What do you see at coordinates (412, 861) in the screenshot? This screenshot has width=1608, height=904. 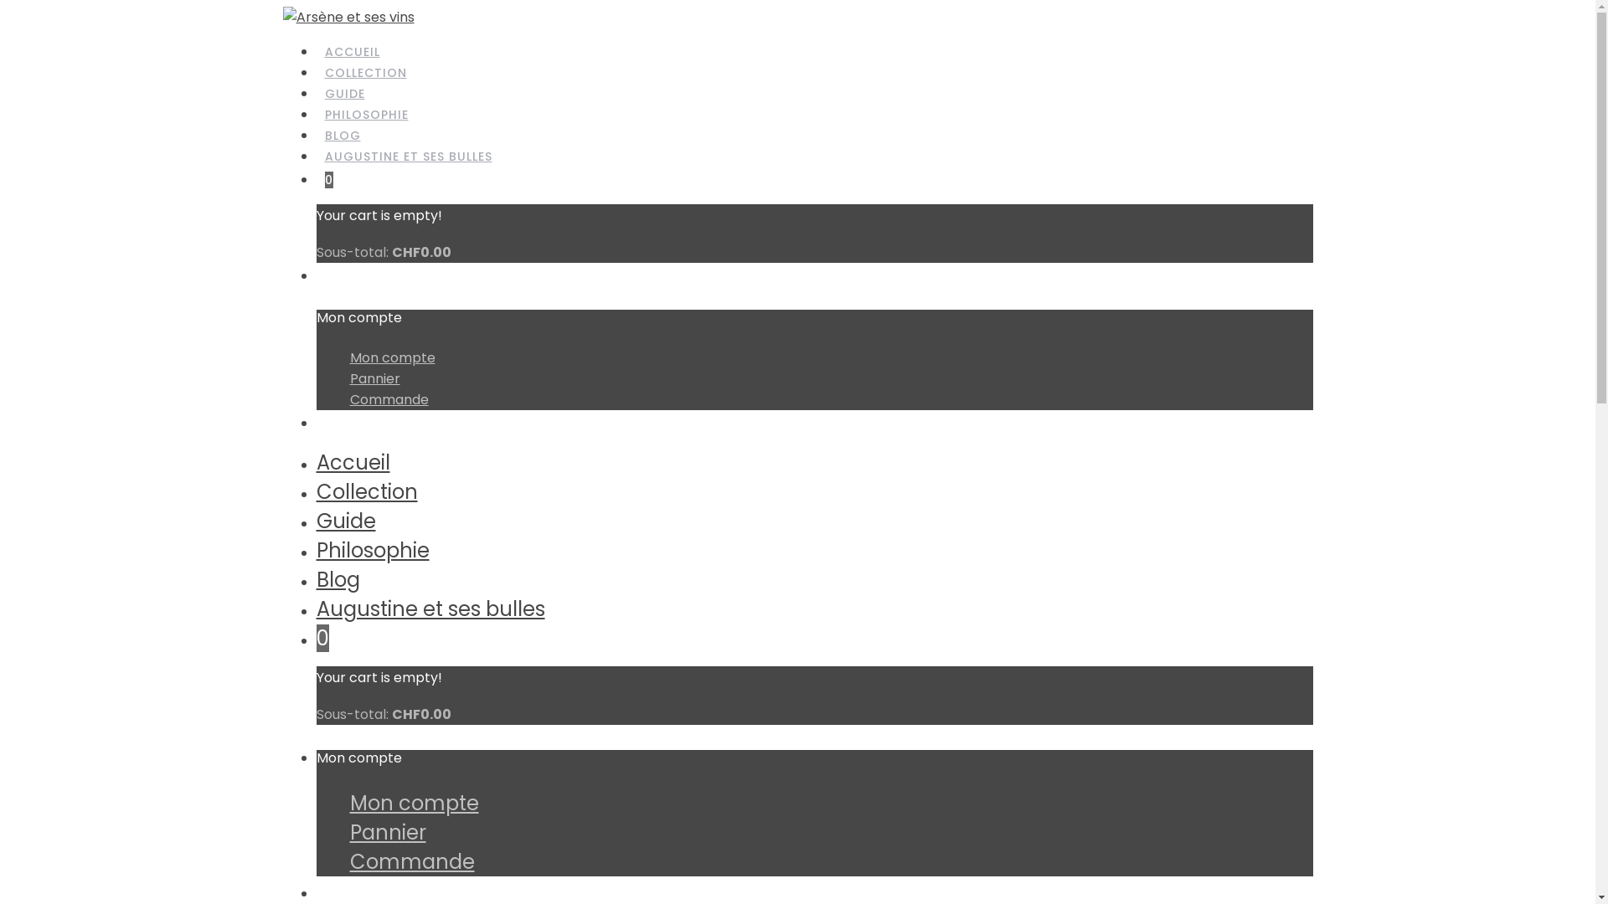 I see `'Commande'` at bounding box center [412, 861].